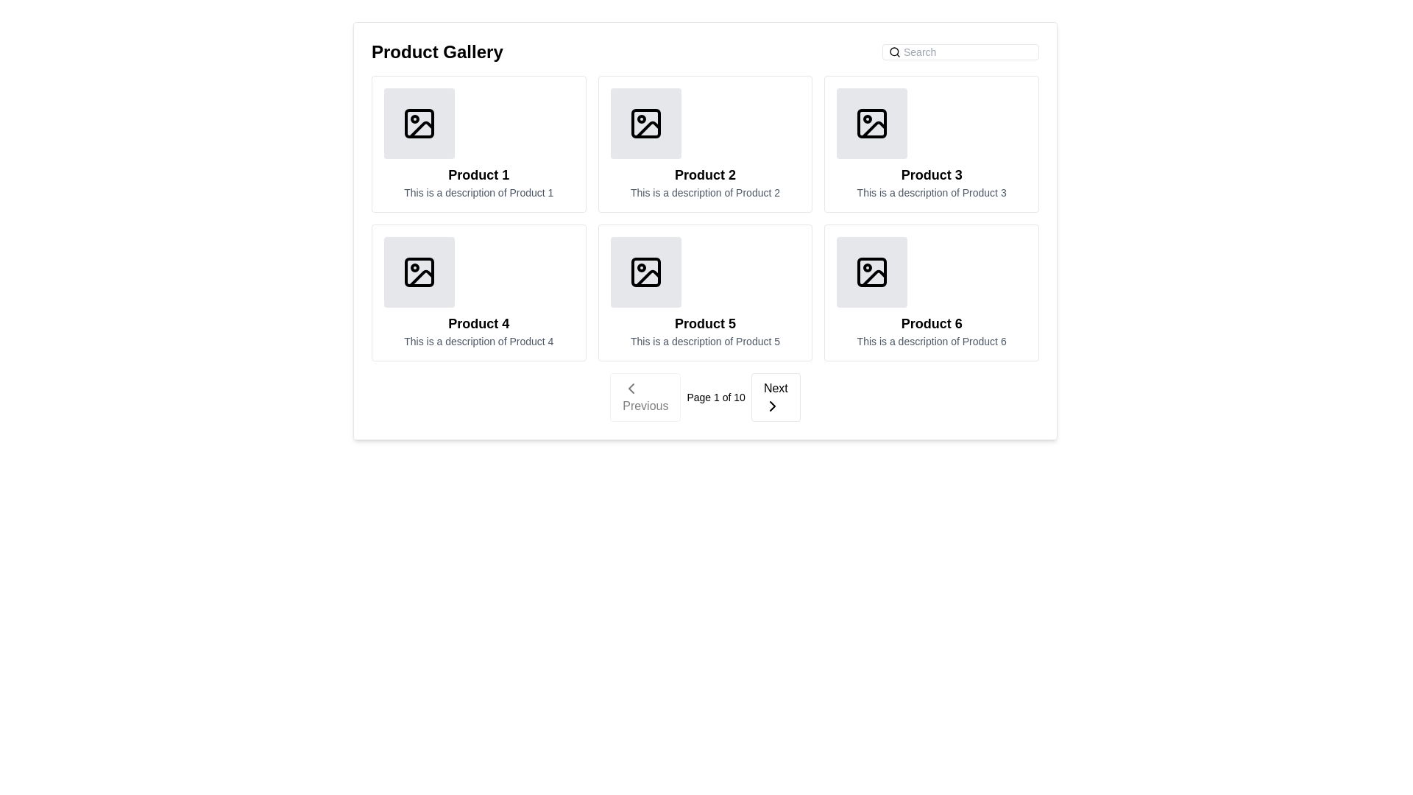  What do you see at coordinates (872, 272) in the screenshot?
I see `the landscape icon with a black outline inside a light-gray square background, located in the second row, last item of the grid layout in the 'Product 6' section` at bounding box center [872, 272].